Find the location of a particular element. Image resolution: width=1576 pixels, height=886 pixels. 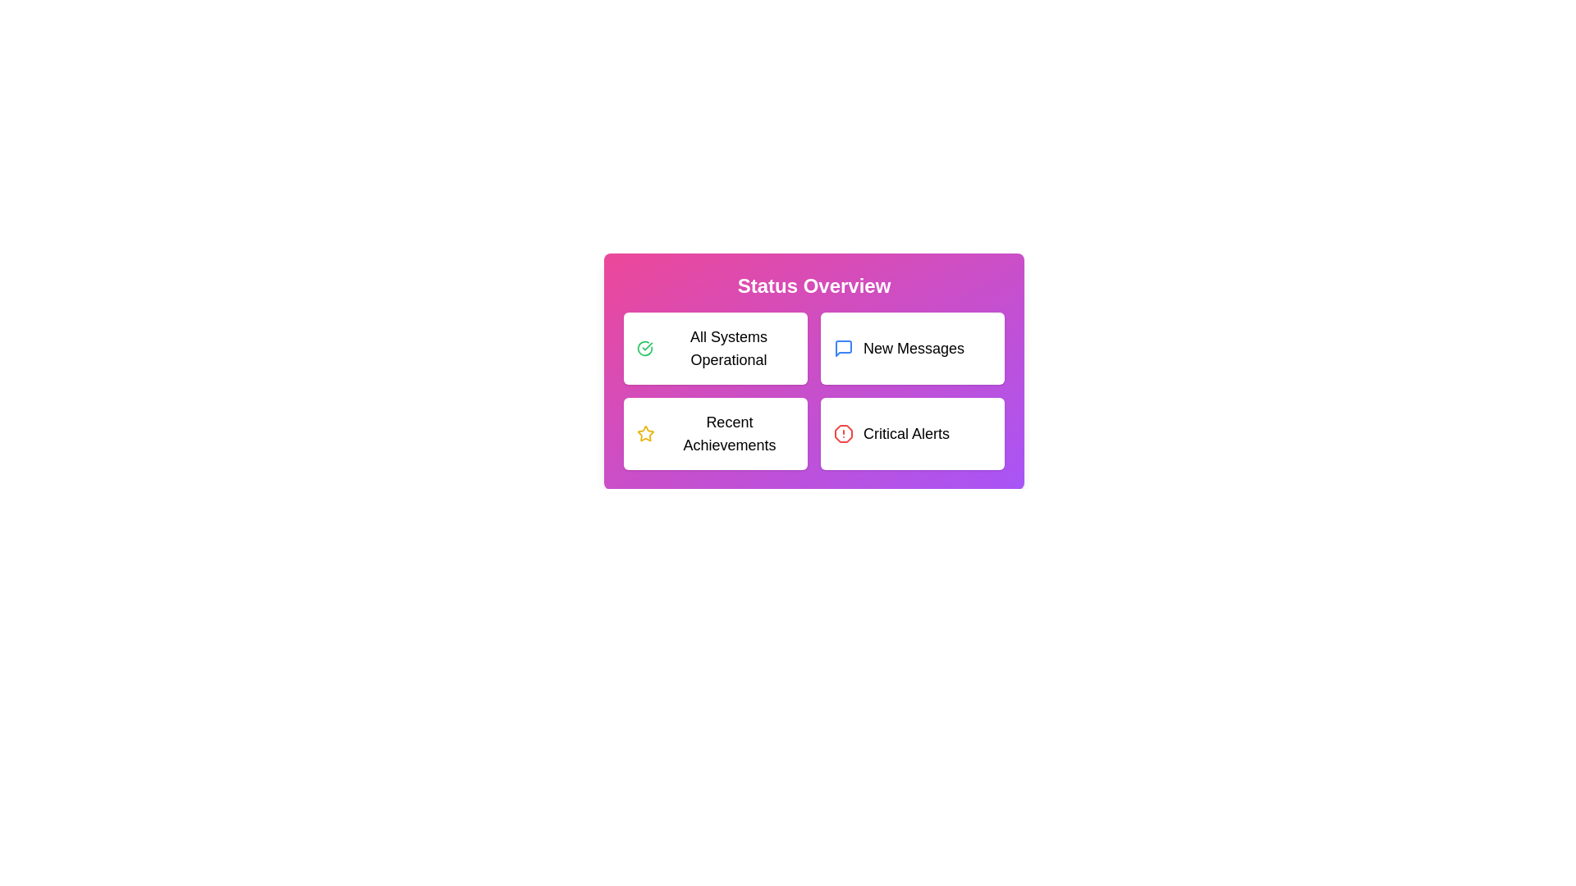

the 'New Messages' text label is located at coordinates (913, 347).